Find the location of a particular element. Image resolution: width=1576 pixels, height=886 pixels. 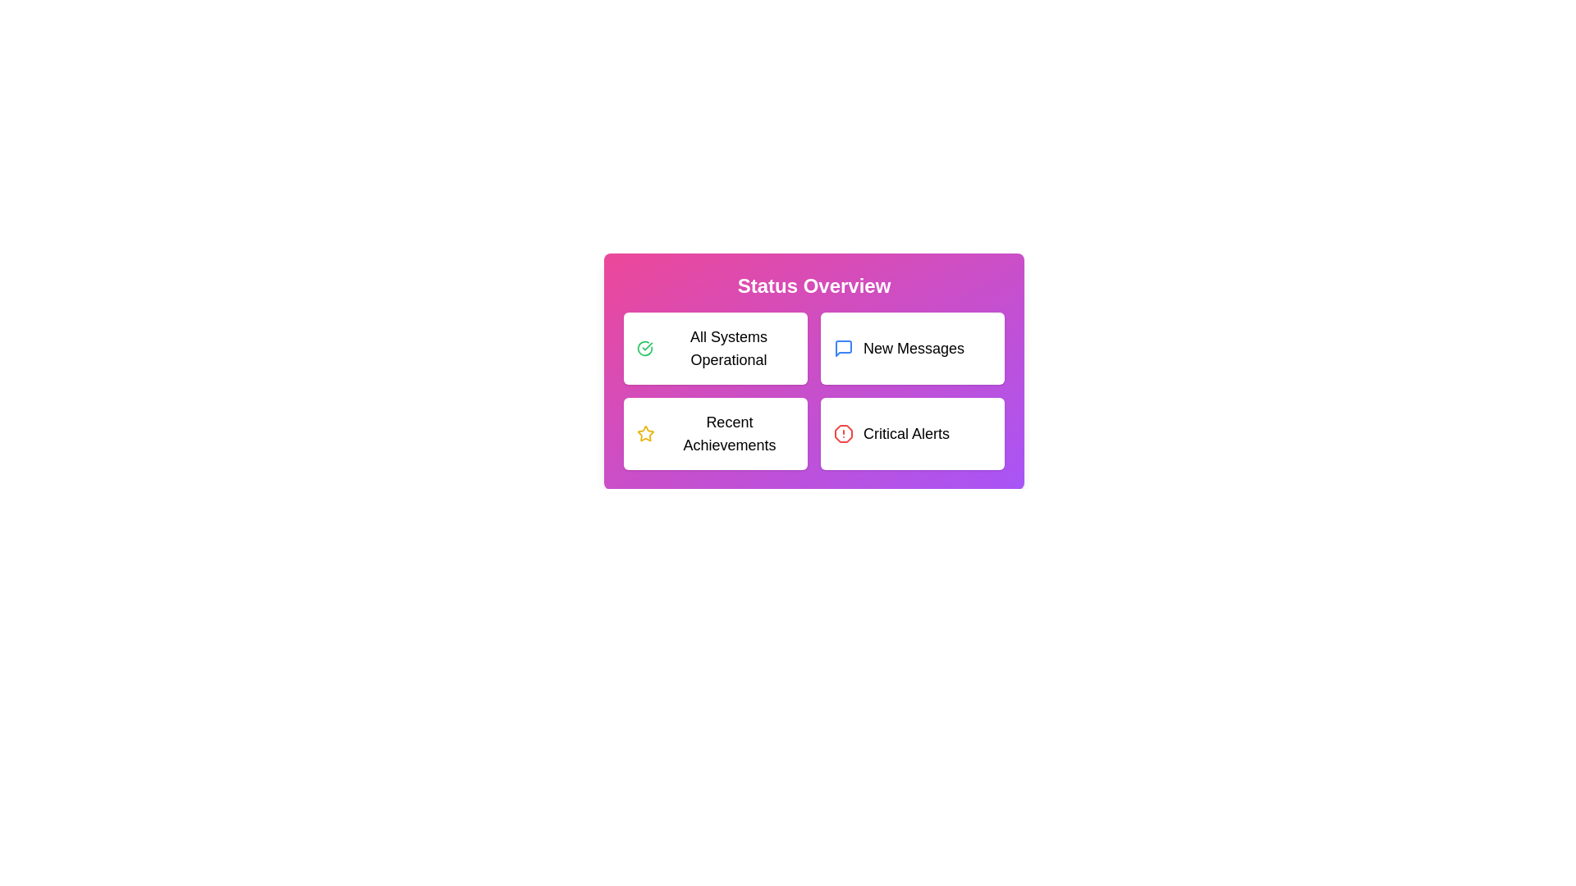

the 'New Messages' text label is located at coordinates (913, 347).